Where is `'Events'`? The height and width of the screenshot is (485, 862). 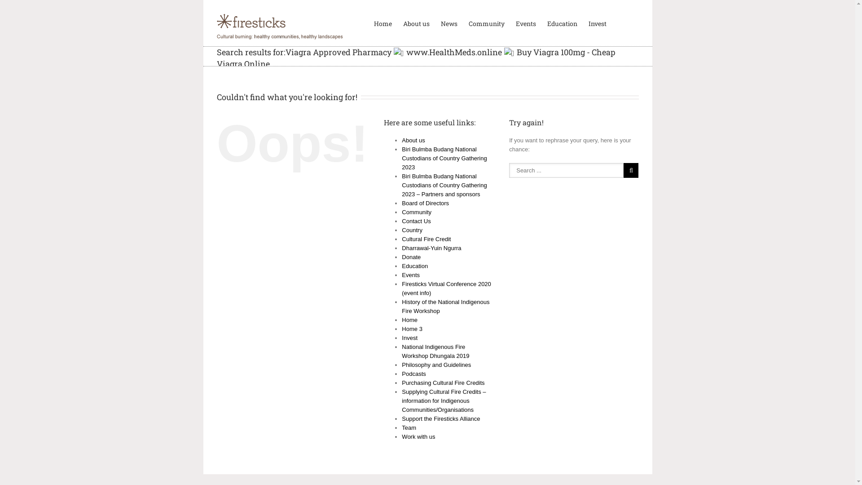 'Events' is located at coordinates (410, 274).